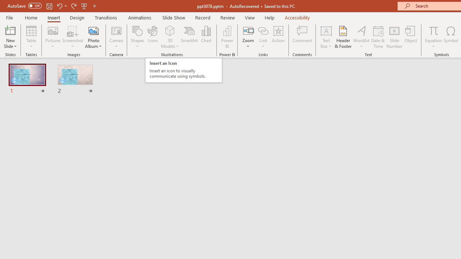  I want to click on 'Chart...', so click(206, 37).